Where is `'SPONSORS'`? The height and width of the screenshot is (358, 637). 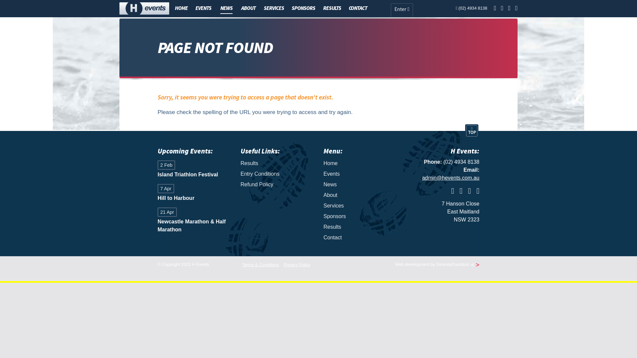
'SPONSORS' is located at coordinates (303, 8).